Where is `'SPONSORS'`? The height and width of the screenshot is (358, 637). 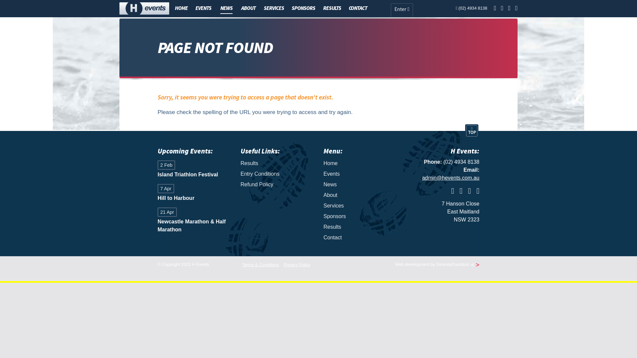
'SPONSORS' is located at coordinates (303, 8).